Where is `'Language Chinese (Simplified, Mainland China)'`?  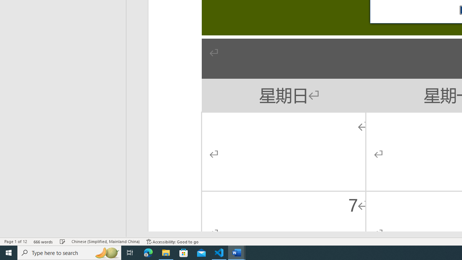
'Language Chinese (Simplified, Mainland China)' is located at coordinates (105, 242).